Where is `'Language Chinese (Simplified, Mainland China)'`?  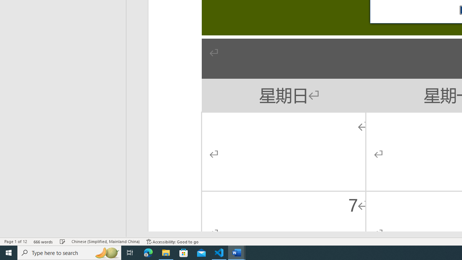
'Language Chinese (Simplified, Mainland China)' is located at coordinates (105, 242).